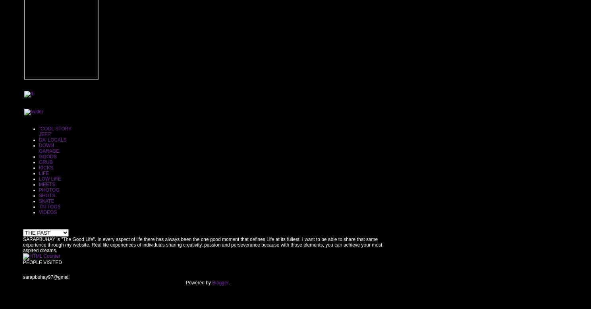  Describe the element at coordinates (23, 277) in the screenshot. I see `'sarapbuhay97@gmail'` at that location.